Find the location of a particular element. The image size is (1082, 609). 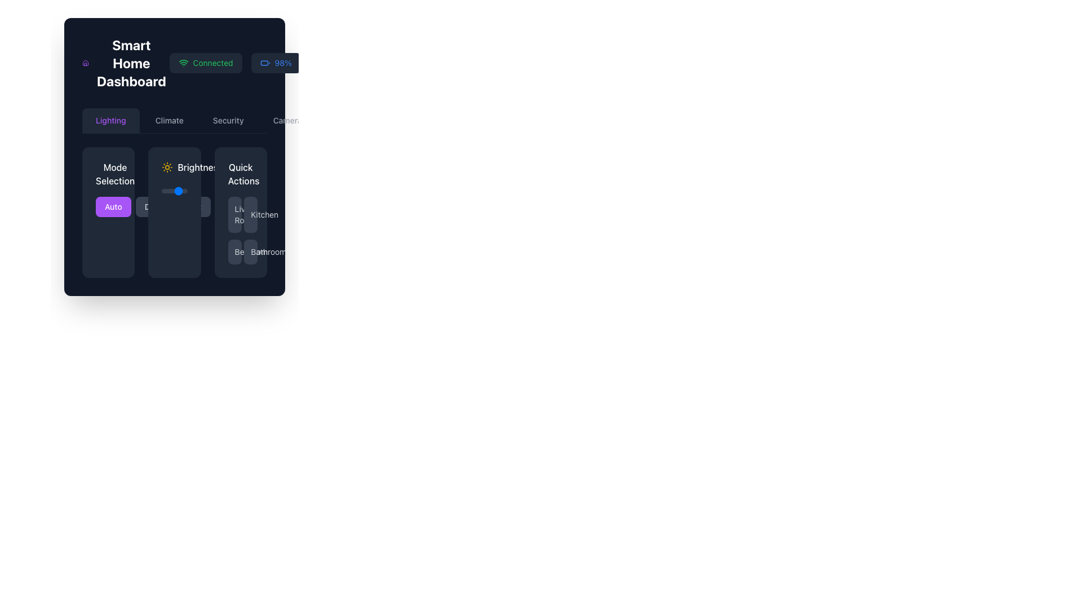

the blue-colored battery icon displaying '98%' located in the top-right corner of the interface, next to the green 'Connected' label is located at coordinates (276, 63).